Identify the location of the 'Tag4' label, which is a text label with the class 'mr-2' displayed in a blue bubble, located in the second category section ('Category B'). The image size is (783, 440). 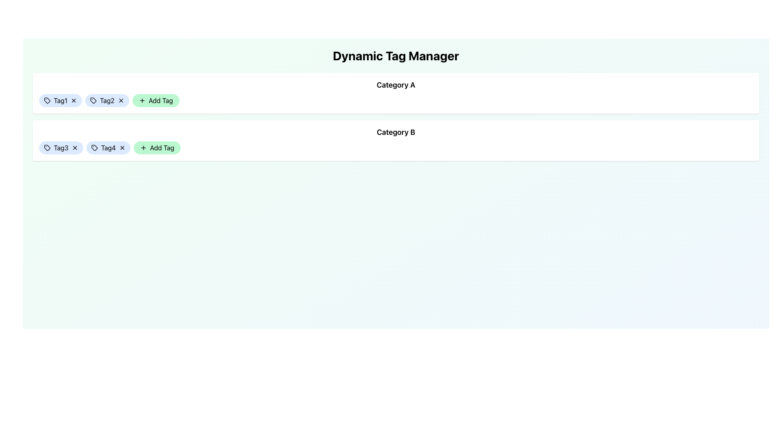
(108, 147).